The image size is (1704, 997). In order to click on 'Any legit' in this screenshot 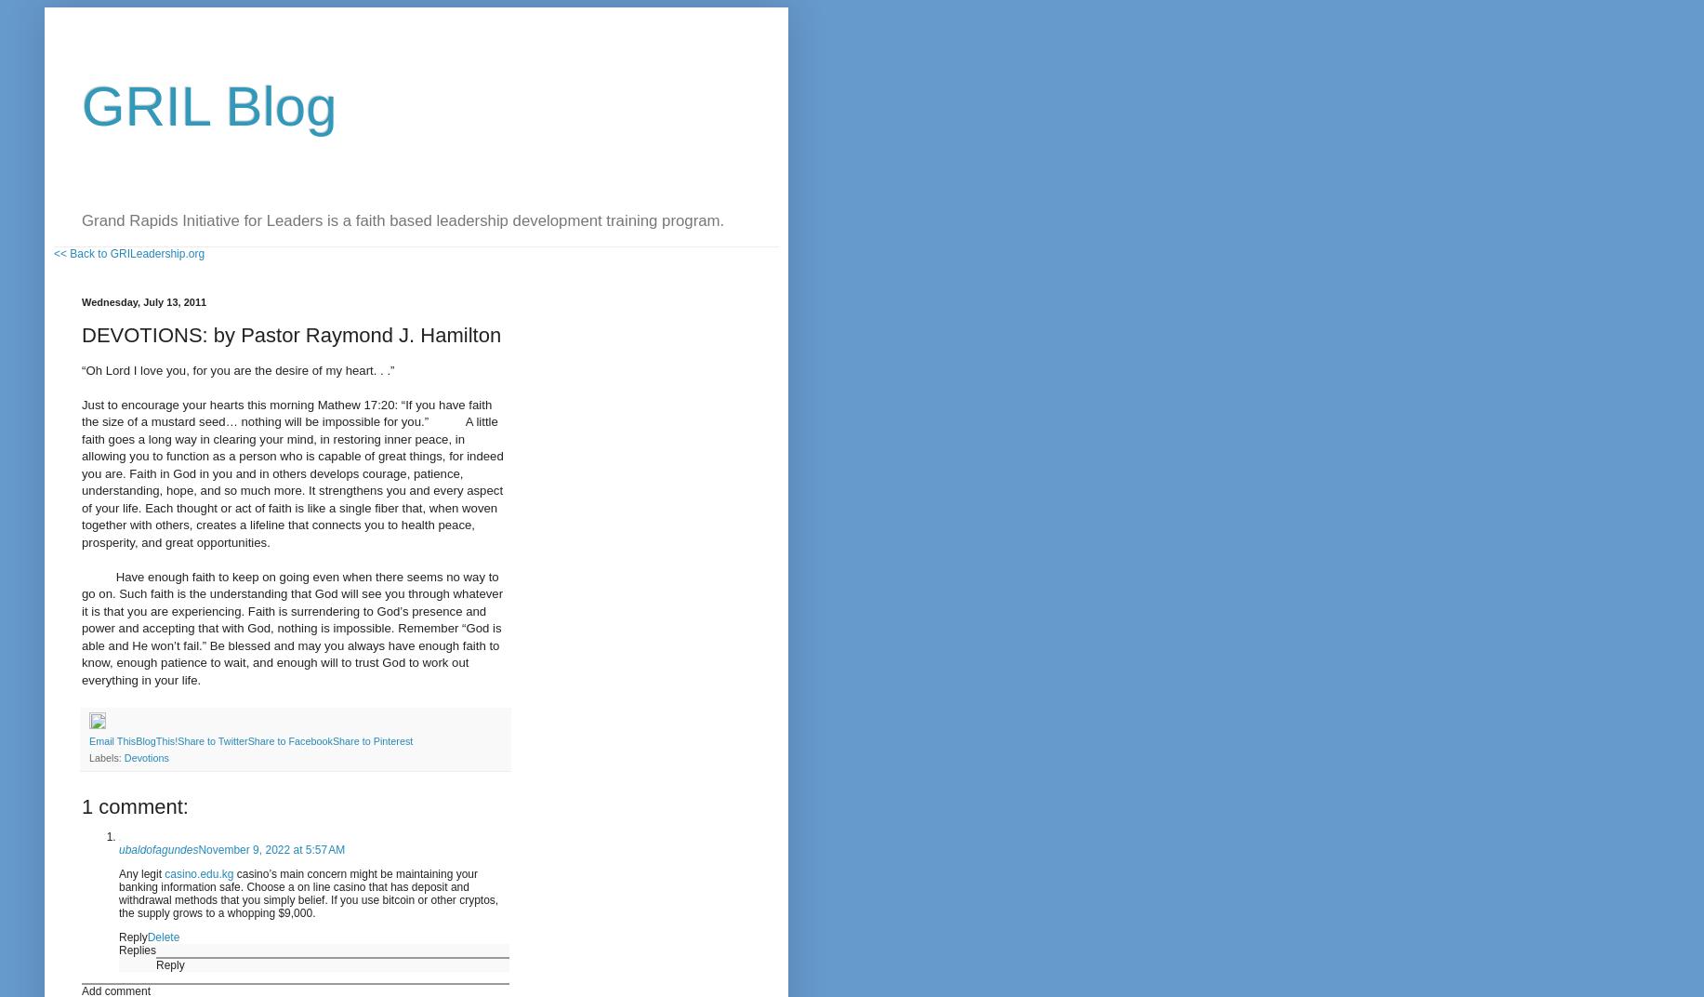, I will do `click(140, 872)`.